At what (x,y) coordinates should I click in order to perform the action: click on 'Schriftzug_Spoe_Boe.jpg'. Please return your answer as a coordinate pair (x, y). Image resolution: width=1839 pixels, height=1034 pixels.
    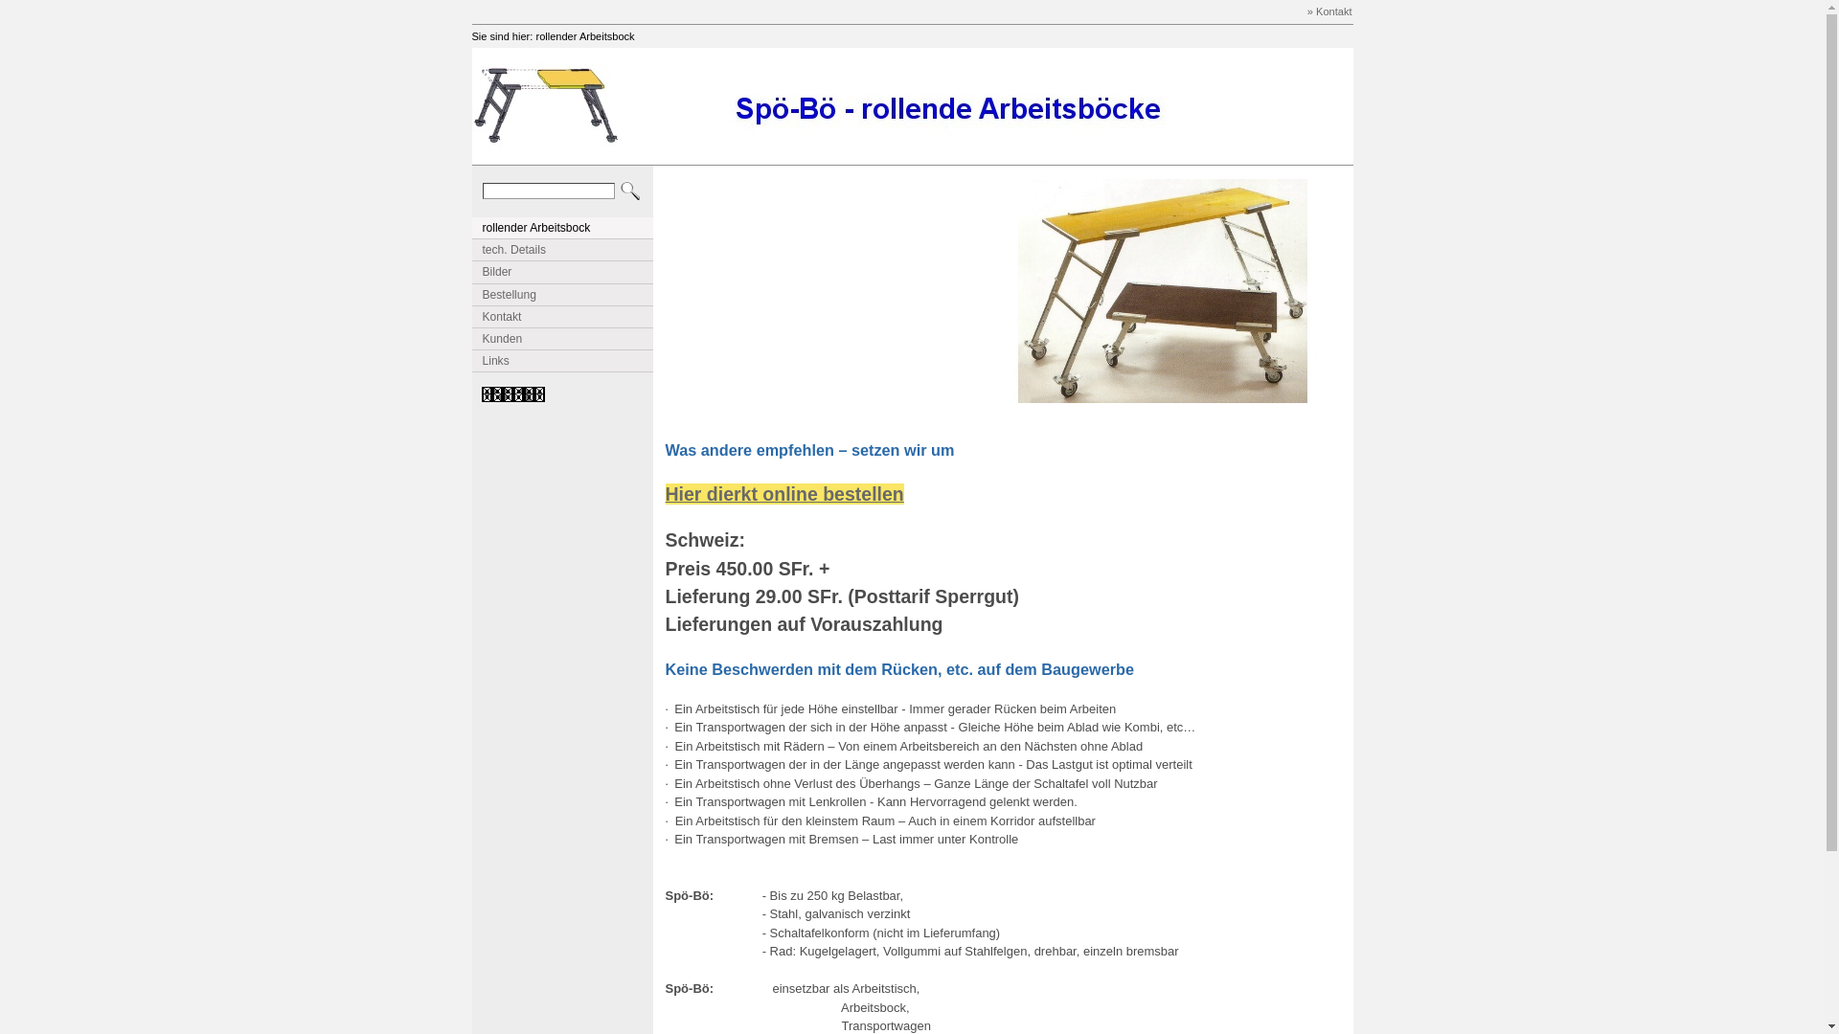
    Looking at the image, I should click on (942, 106).